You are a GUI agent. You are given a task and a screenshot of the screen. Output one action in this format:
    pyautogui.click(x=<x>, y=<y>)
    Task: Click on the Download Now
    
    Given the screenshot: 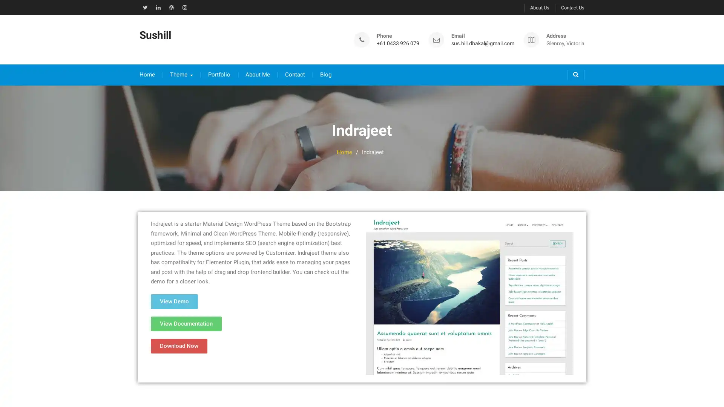 What is the action you would take?
    pyautogui.click(x=179, y=338)
    